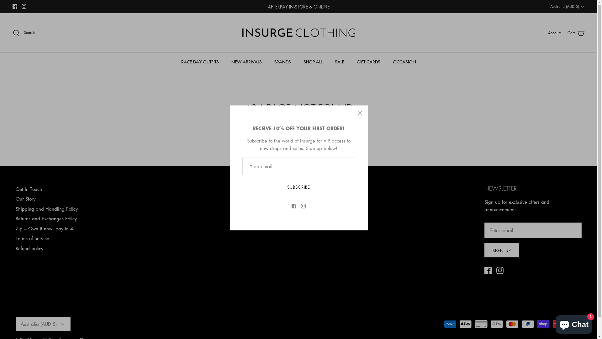 The image size is (602, 339). What do you see at coordinates (567, 7) in the screenshot?
I see `'Australia (AUD $)` at bounding box center [567, 7].